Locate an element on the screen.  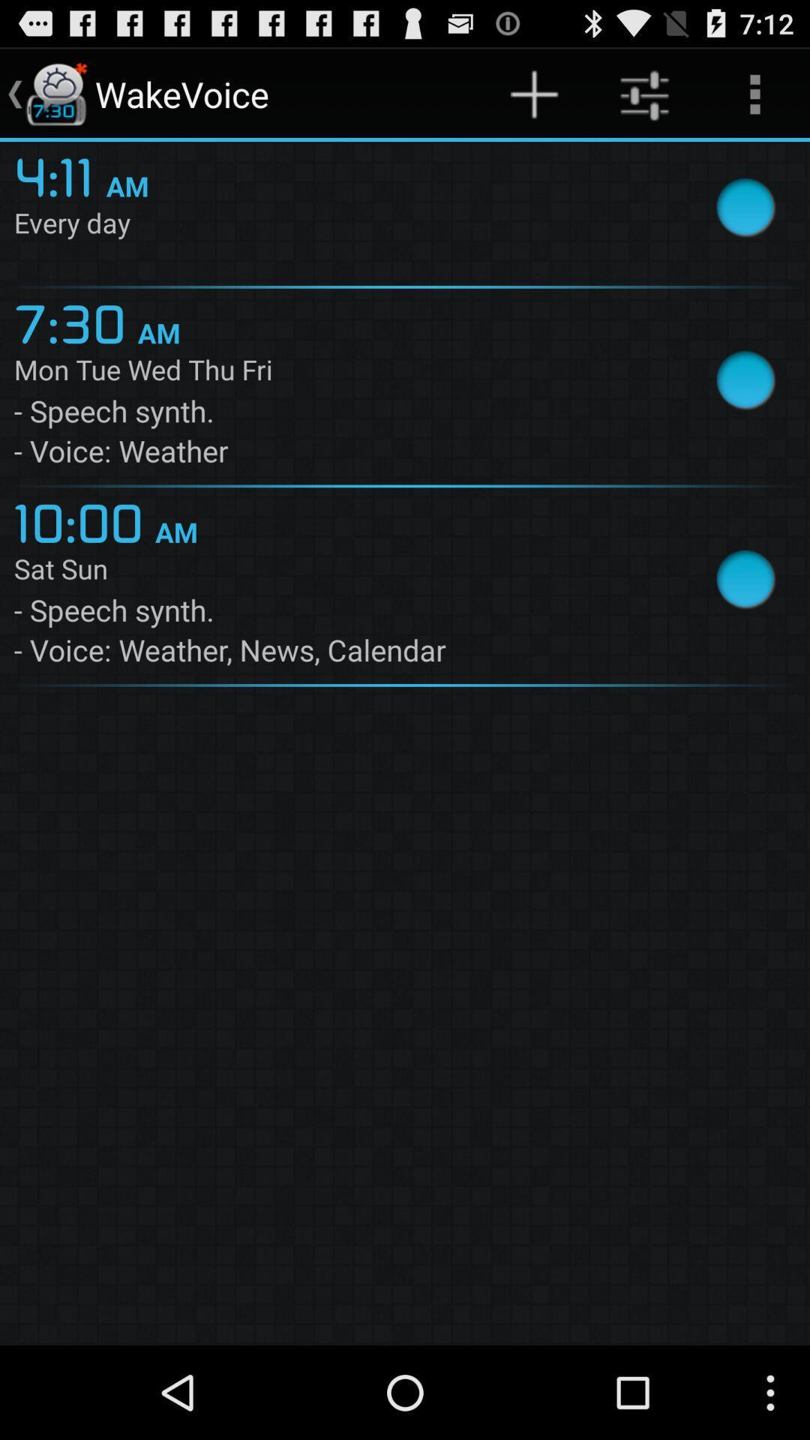
the item below every day is located at coordinates (76, 320).